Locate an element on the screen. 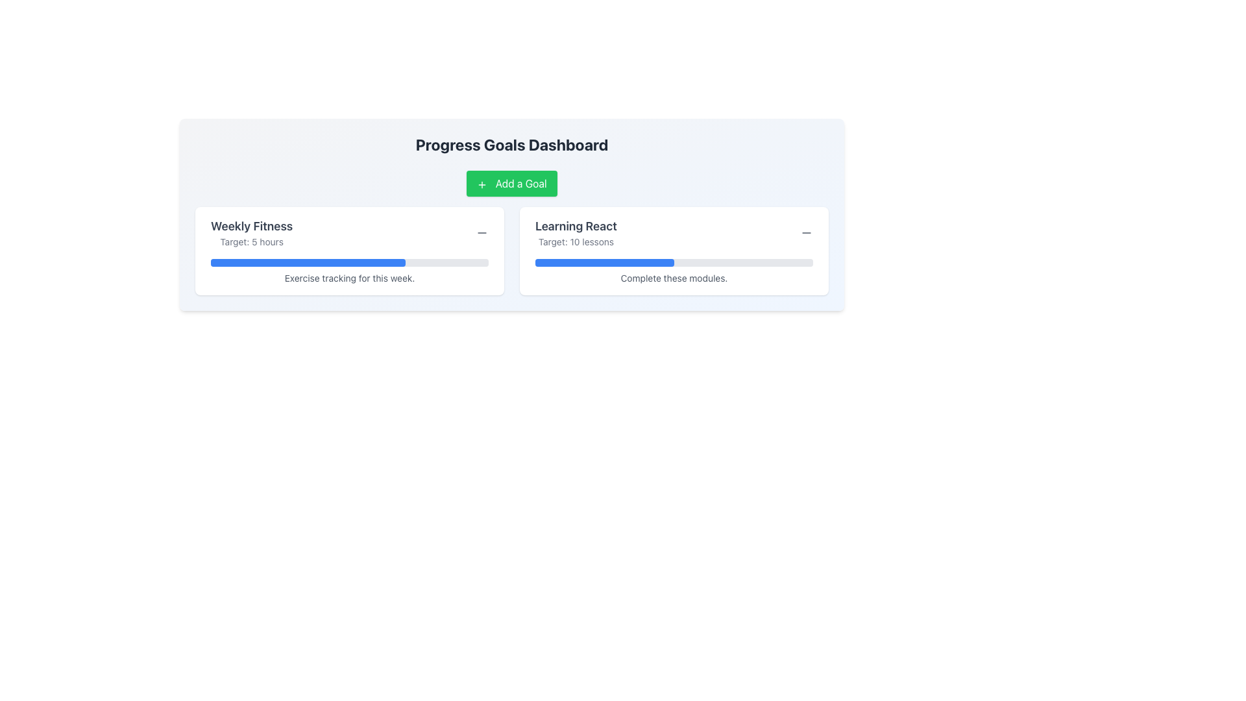 The width and height of the screenshot is (1246, 701). the 'Add a Goal' button icon, which visually represents the action of adding a new goal and is located at the top center of the interface under the title 'Progress Goals Dashboard' is located at coordinates (482, 184).